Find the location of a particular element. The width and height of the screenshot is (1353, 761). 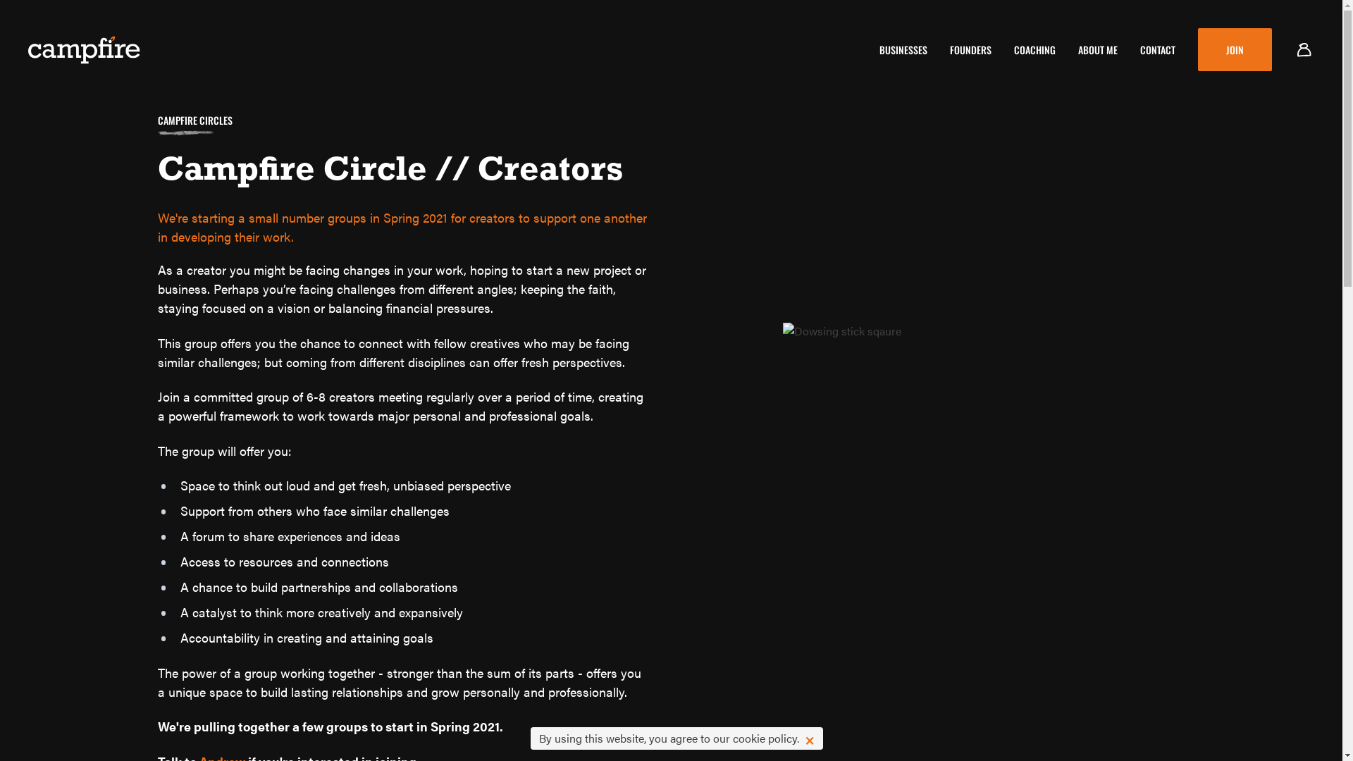

'COACHING' is located at coordinates (1013, 49).